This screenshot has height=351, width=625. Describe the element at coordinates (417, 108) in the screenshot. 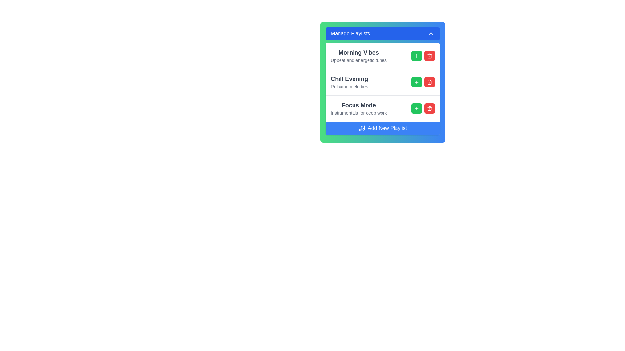

I see `the Icon button located in the 'Focus Mode' playlist row` at that location.